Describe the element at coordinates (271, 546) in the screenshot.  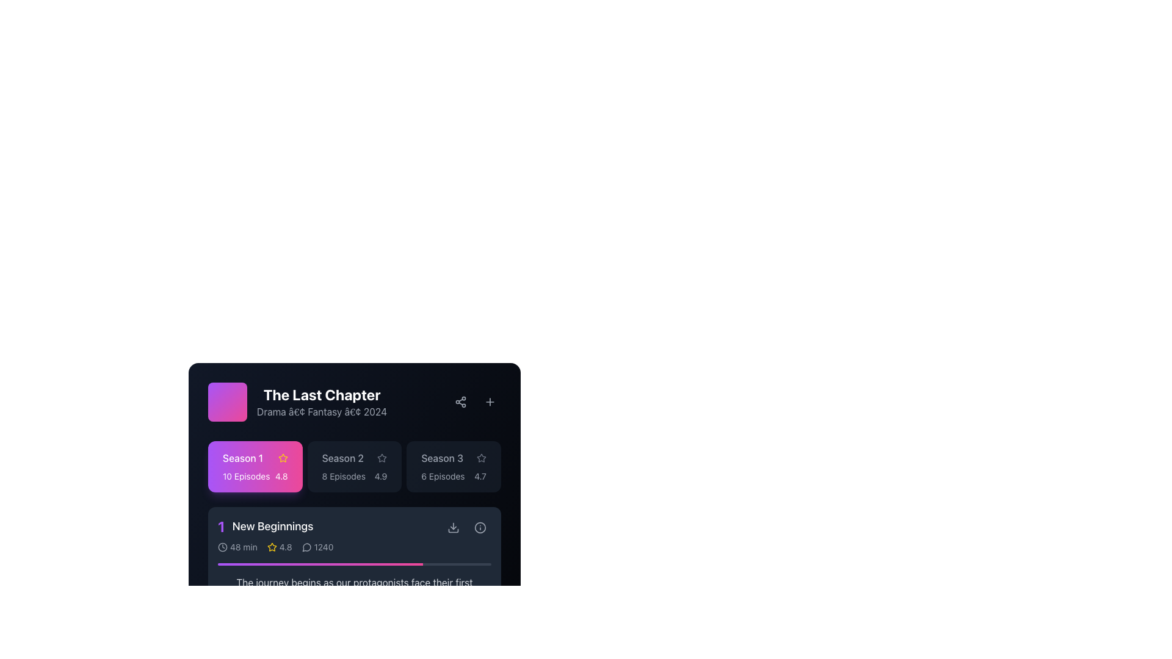
I see `the yellow star icon that indicates the rating status for Season 1 to rate or unrate the season` at that location.